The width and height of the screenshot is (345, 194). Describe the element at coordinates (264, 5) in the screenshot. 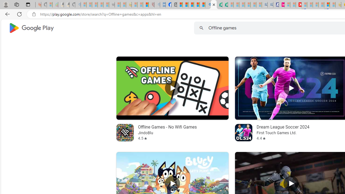

I see `'Cheap Car Rentals - Save70.com - Sleeping'` at that location.